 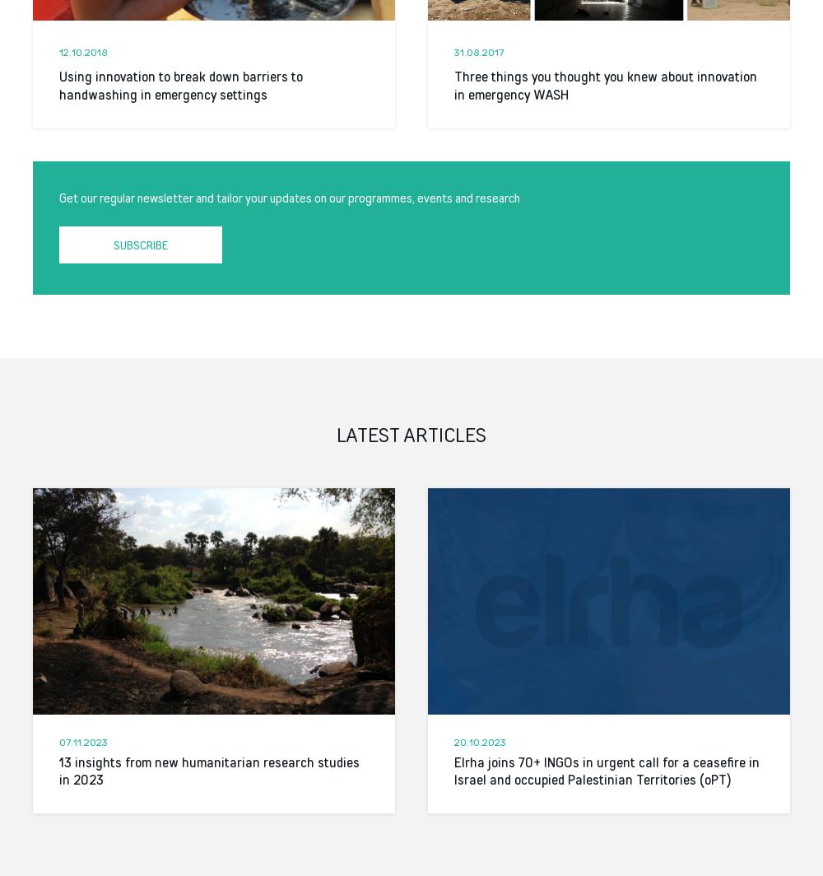 I want to click on '20.10.2023', so click(x=454, y=741).